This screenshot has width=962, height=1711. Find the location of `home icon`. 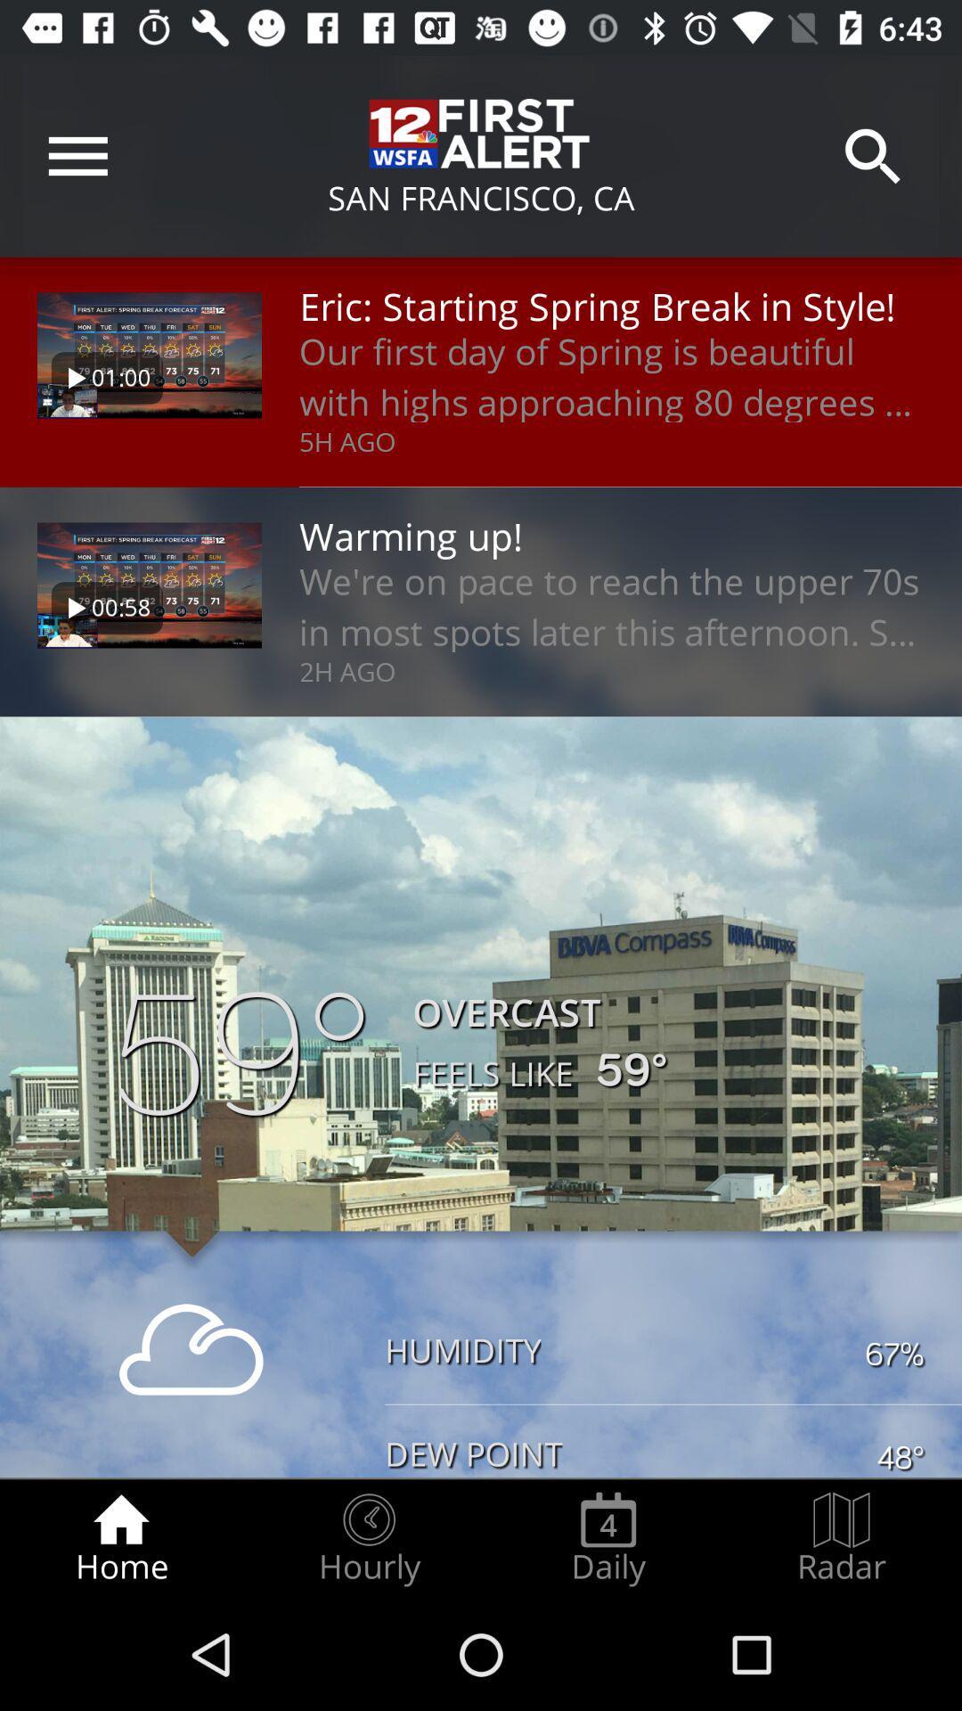

home icon is located at coordinates (120, 1538).